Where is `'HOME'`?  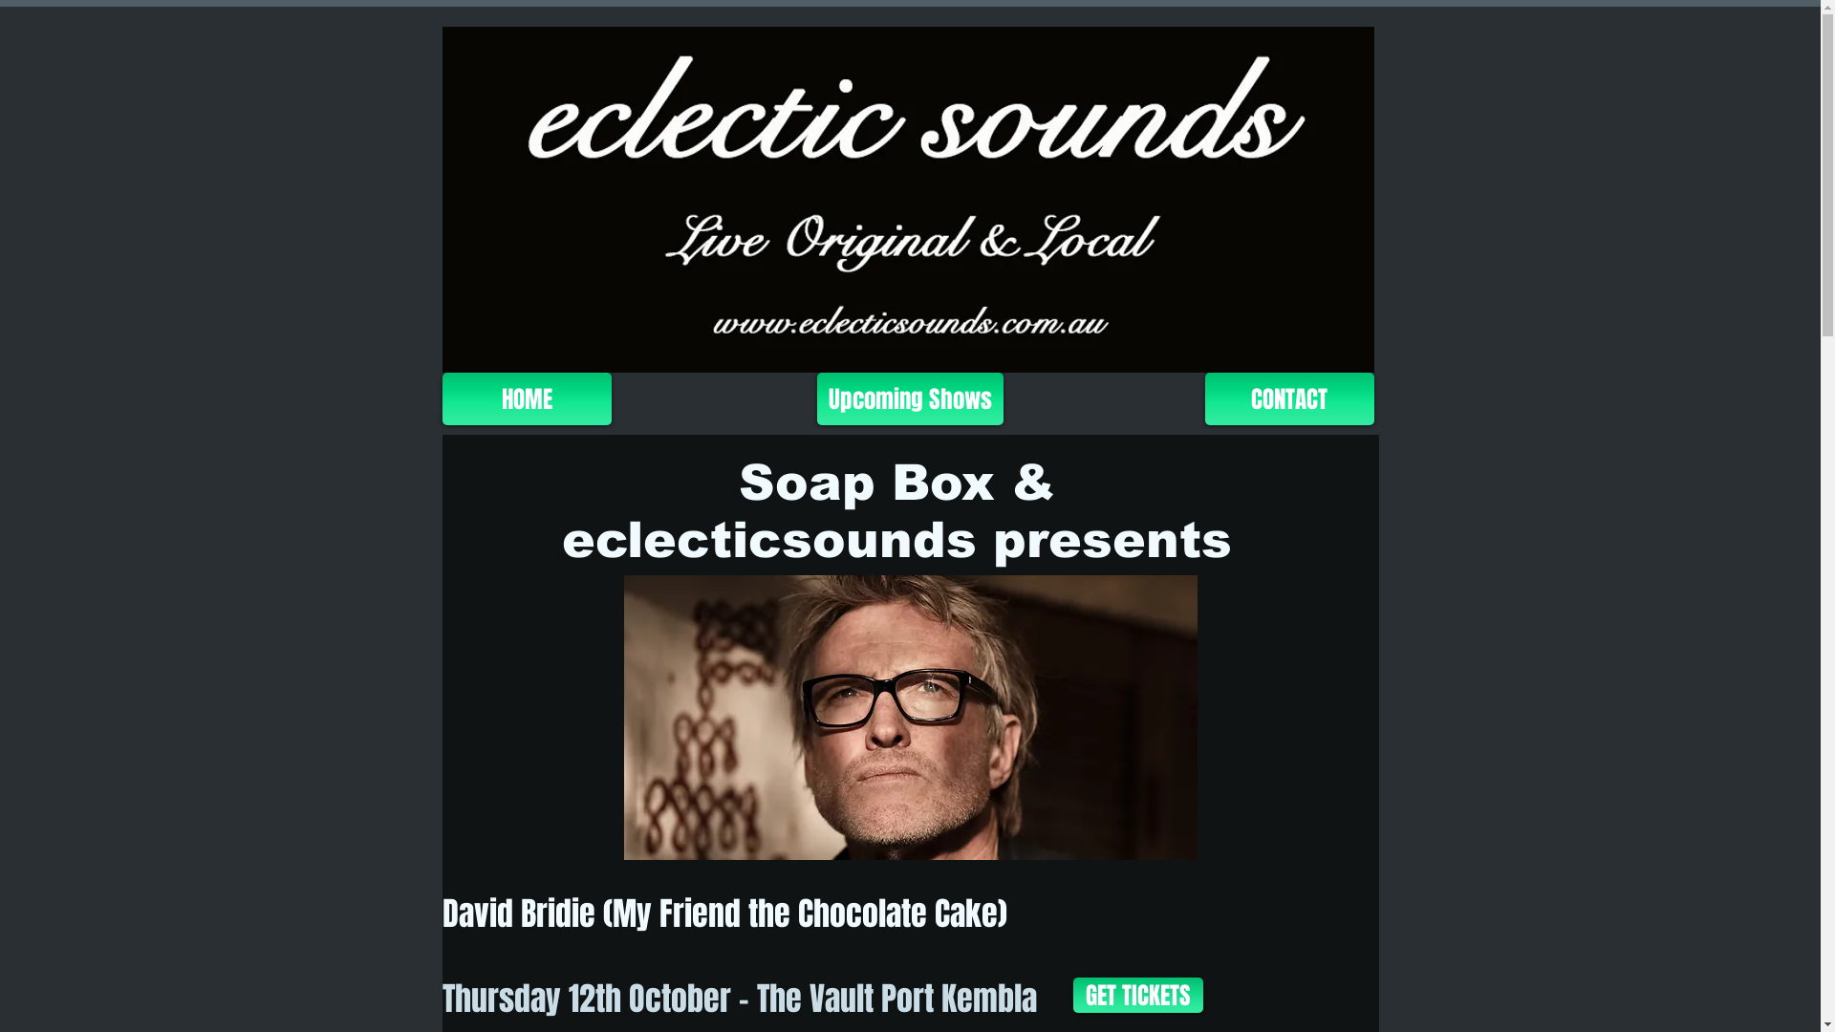 'HOME' is located at coordinates (526, 398).